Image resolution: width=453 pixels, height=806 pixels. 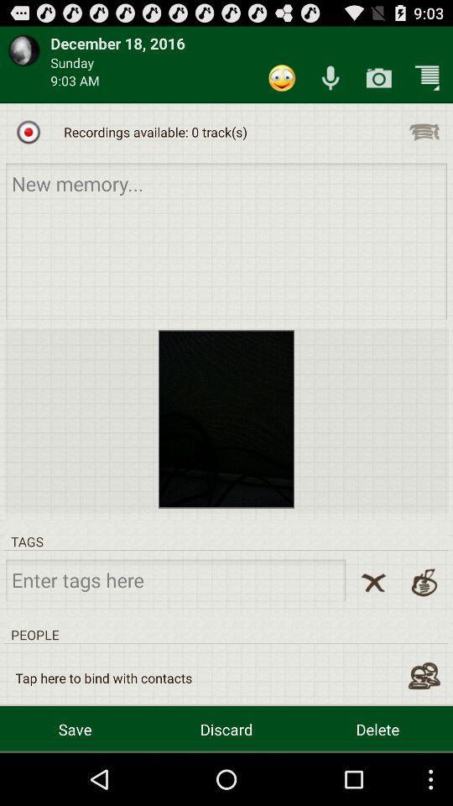 I want to click on the microphone icon, so click(x=331, y=83).